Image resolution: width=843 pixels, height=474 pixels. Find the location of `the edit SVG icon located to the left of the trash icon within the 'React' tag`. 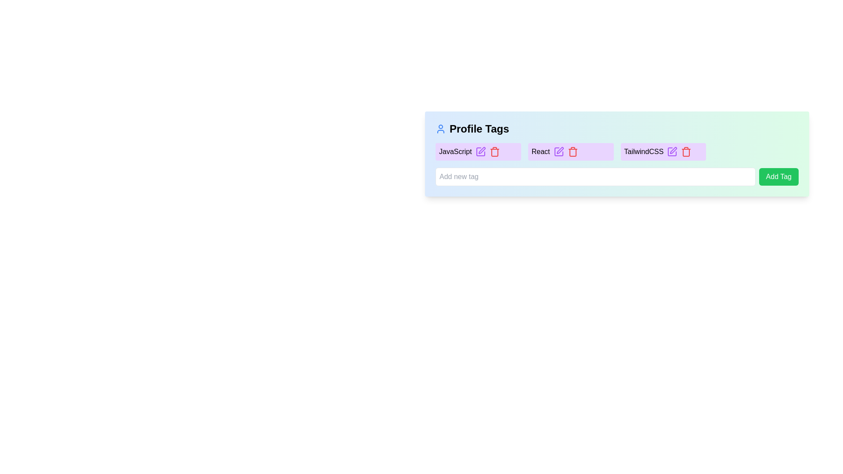

the edit SVG icon located to the left of the trash icon within the 'React' tag is located at coordinates (558, 151).